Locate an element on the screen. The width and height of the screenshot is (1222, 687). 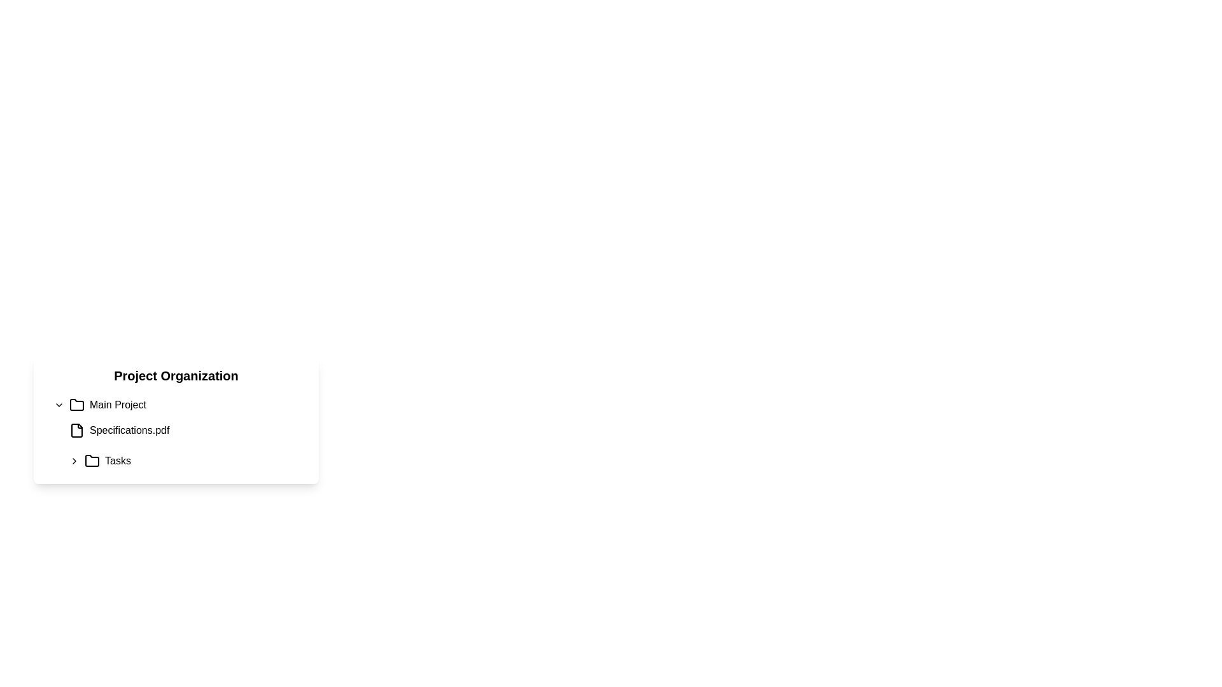
the Text label (header) at the top of the white, rounded rectangular card that organizes the content below it is located at coordinates (176, 375).